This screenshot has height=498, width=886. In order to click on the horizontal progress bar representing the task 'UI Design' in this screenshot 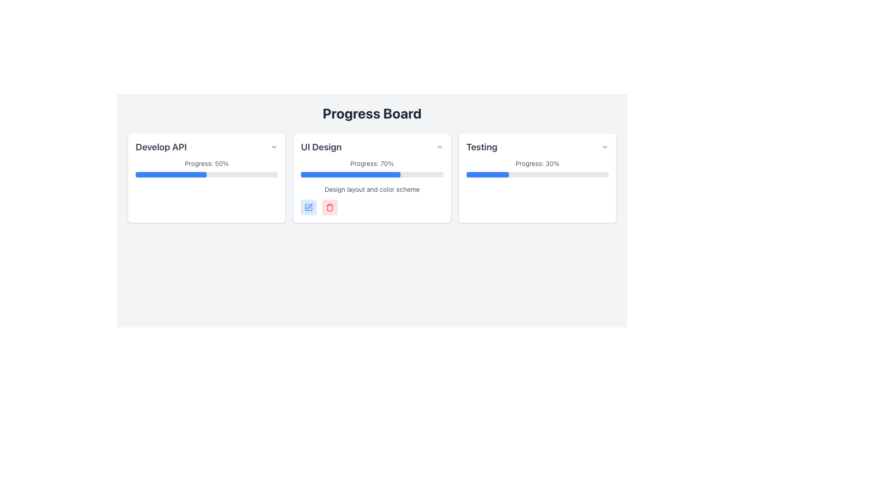, I will do `click(372, 174)`.